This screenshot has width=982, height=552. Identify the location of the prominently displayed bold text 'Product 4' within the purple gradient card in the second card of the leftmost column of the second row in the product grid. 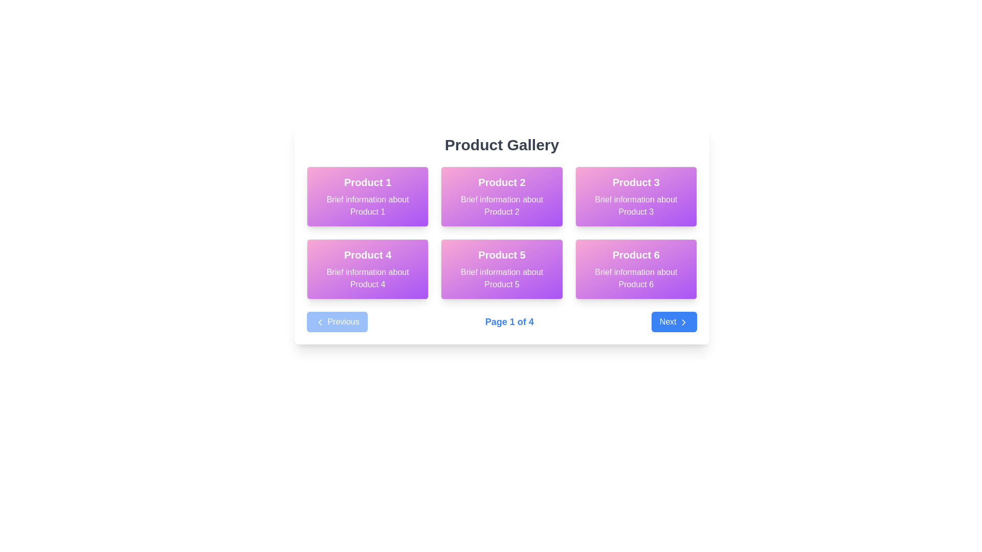
(368, 254).